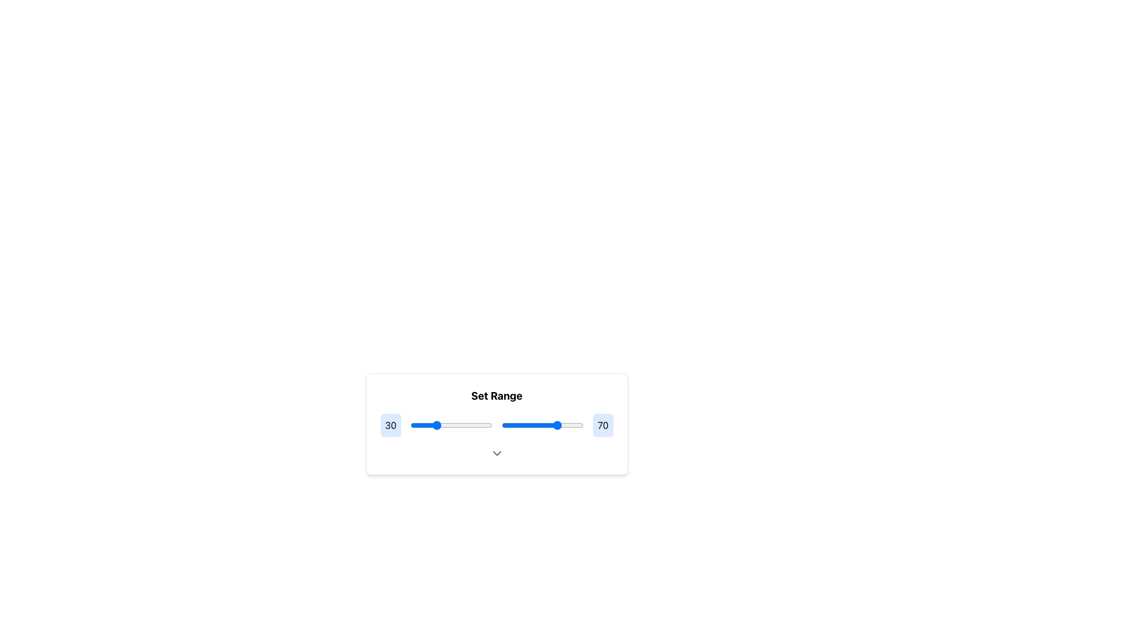 The image size is (1123, 632). What do you see at coordinates (560, 425) in the screenshot?
I see `the slider value` at bounding box center [560, 425].